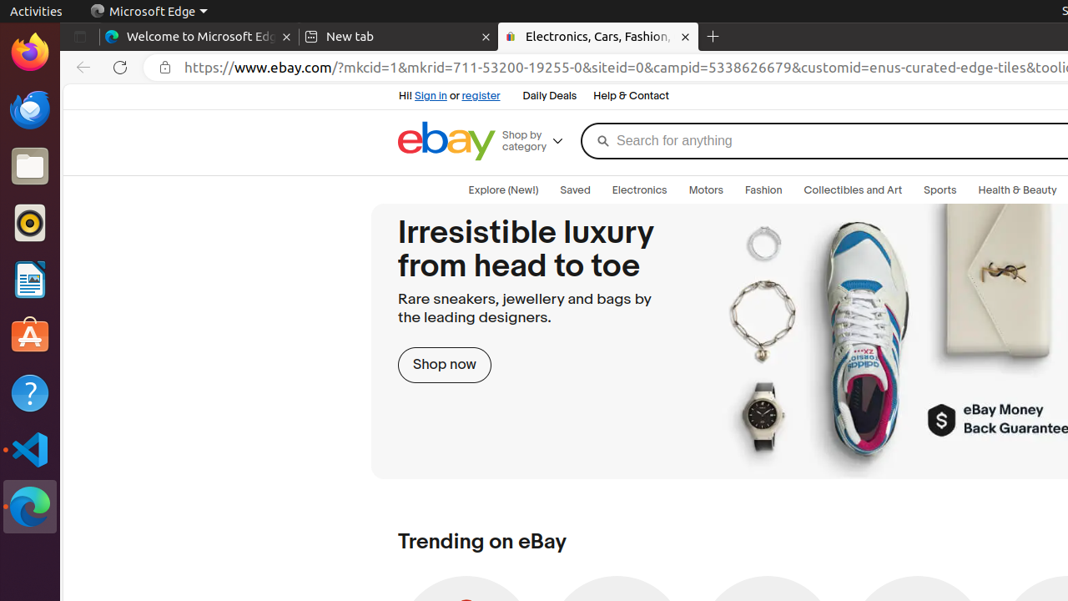 The width and height of the screenshot is (1068, 601). What do you see at coordinates (165, 67) in the screenshot?
I see `'View site information'` at bounding box center [165, 67].